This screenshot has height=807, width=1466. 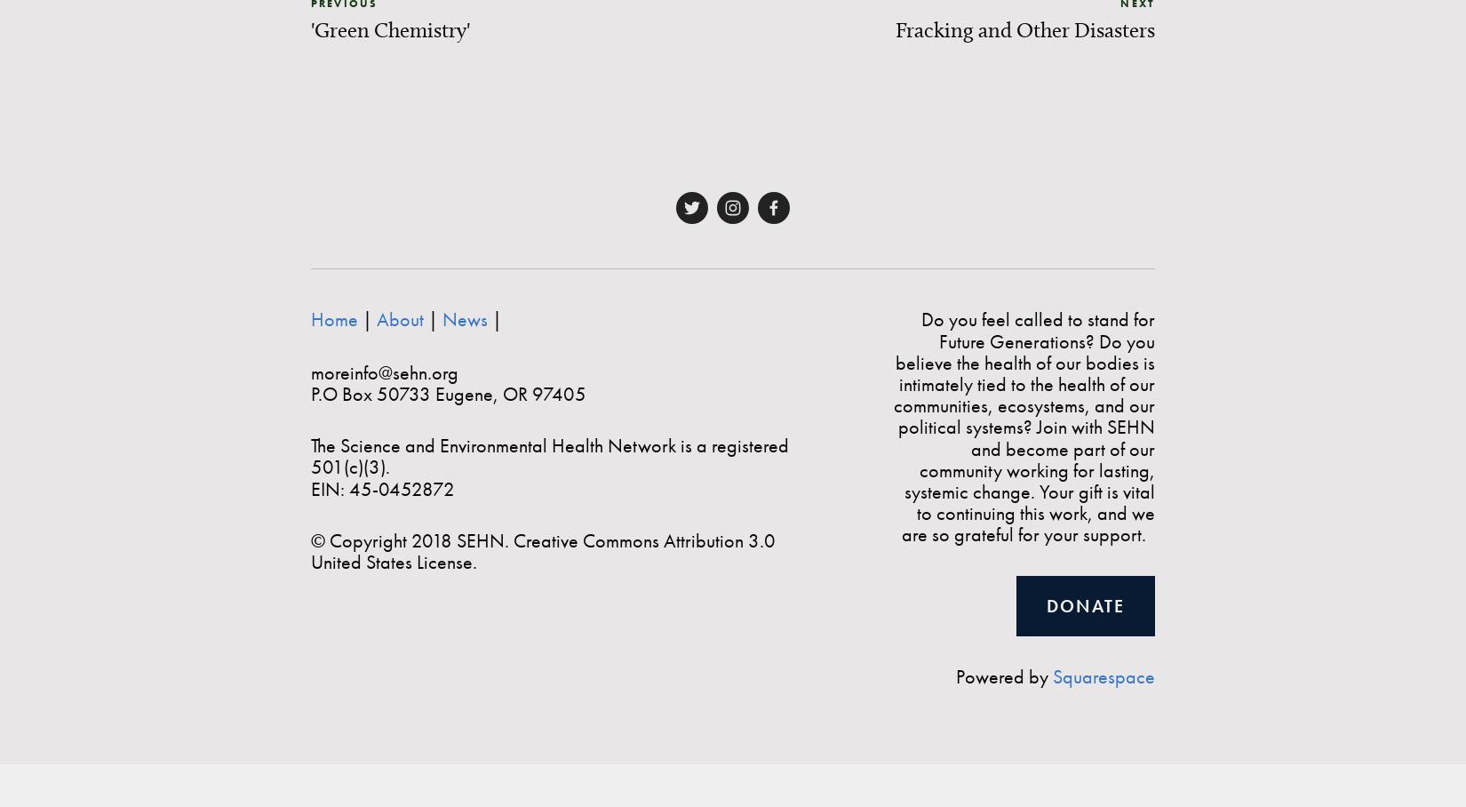 I want to click on 'Do you feel called to stand for Future Generations? Do you believe the health of our bodies is intimately tied to the health of our communities, ecosystems, and our political systems? Join with SEHN and become part of our community working for lasting, systemic change. Your gift is vital to continuing this work, and we are so grateful for your support.', so click(x=1025, y=426).